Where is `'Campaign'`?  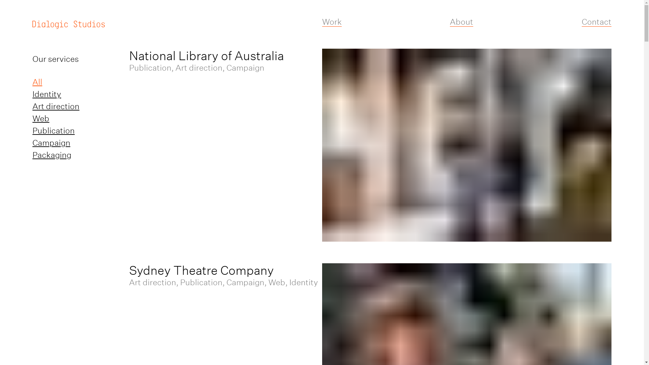 'Campaign' is located at coordinates (32, 142).